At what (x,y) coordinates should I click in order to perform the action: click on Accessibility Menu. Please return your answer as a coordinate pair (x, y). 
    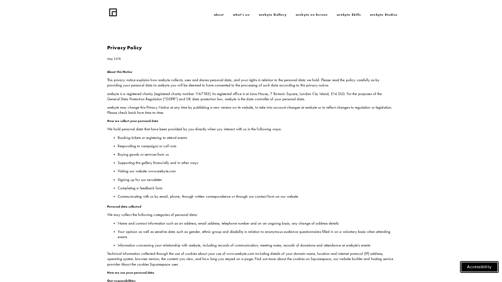
    Looking at the image, I should click on (479, 267).